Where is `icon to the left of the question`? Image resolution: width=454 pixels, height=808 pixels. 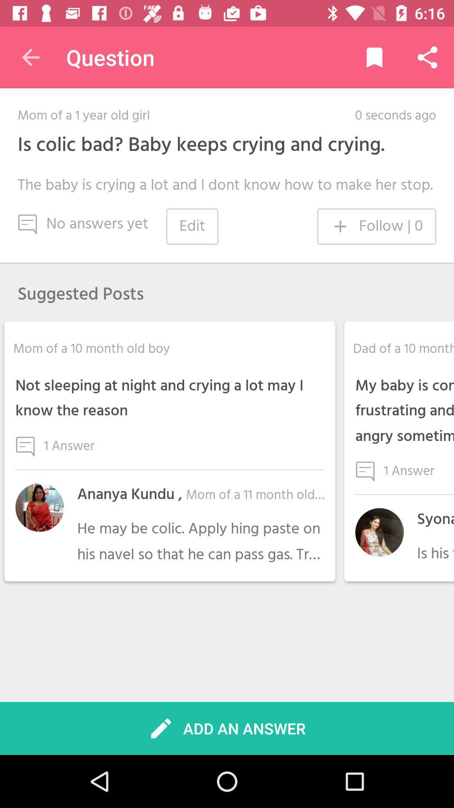
icon to the left of the question is located at coordinates (30, 57).